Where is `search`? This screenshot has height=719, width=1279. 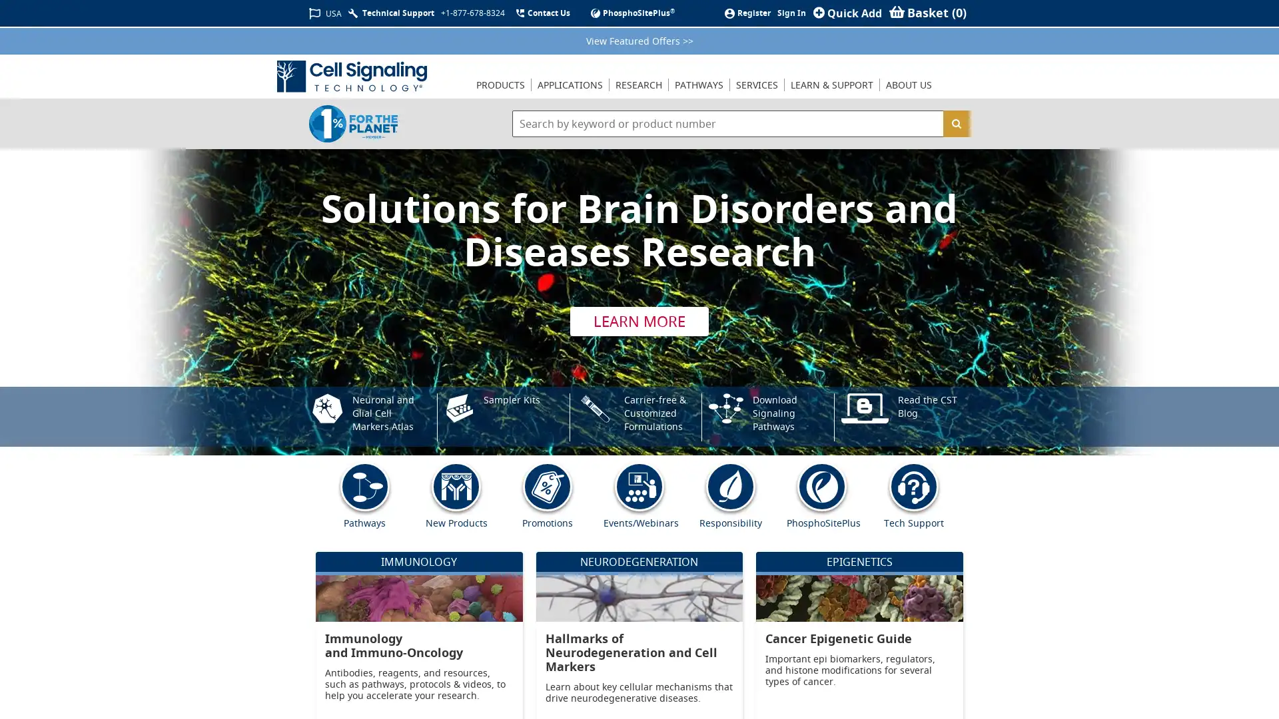
search is located at coordinates (955, 123).